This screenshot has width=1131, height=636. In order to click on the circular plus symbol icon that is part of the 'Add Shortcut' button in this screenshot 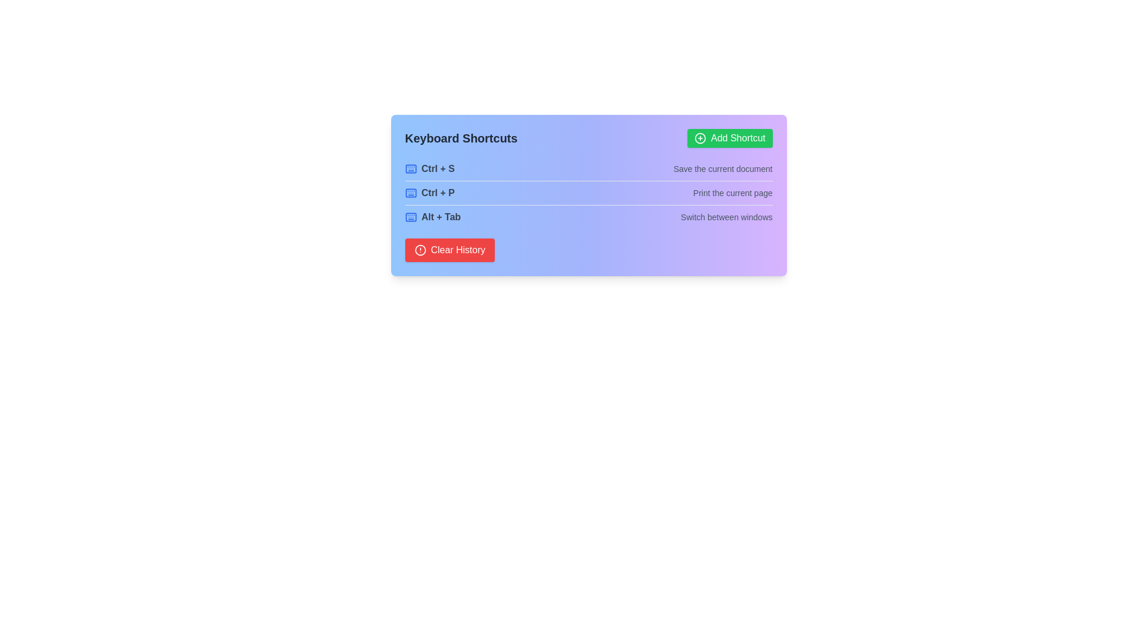, I will do `click(700, 138)`.